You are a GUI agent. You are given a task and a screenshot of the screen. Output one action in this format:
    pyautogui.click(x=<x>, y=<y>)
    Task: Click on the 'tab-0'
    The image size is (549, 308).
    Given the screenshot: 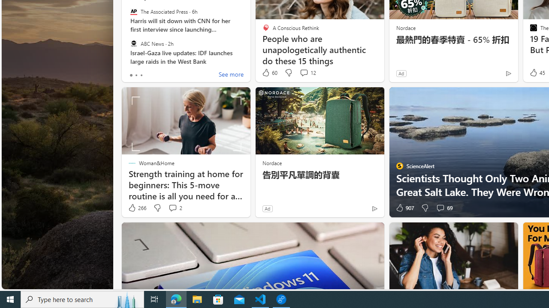 What is the action you would take?
    pyautogui.click(x=130, y=75)
    